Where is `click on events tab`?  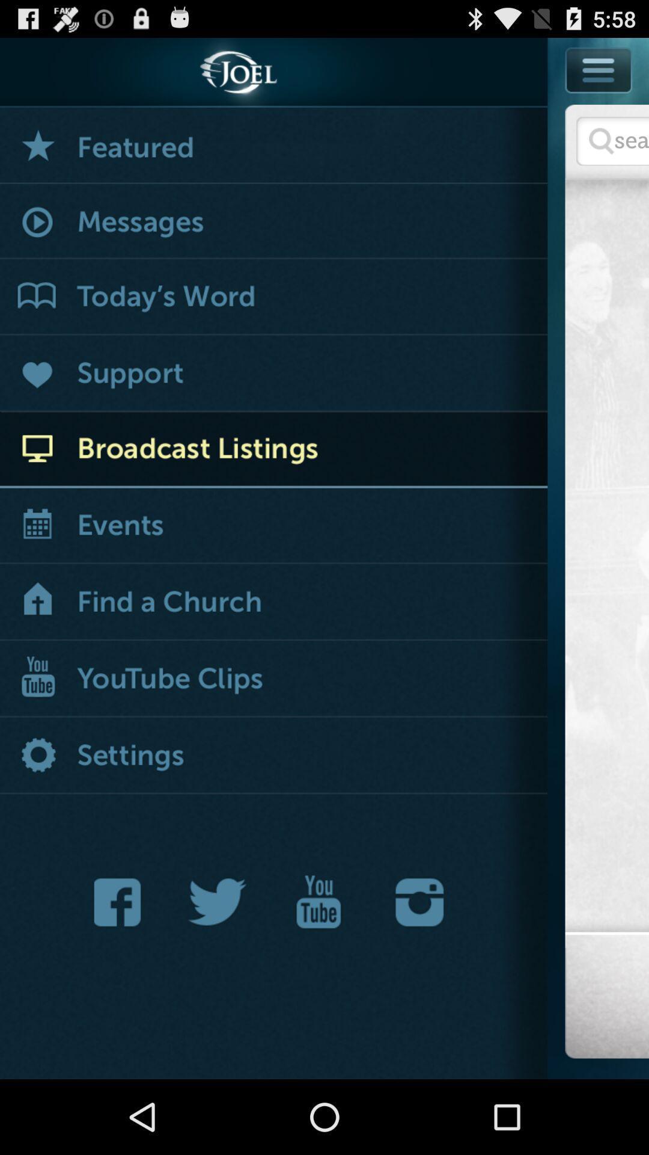 click on events tab is located at coordinates (273, 526).